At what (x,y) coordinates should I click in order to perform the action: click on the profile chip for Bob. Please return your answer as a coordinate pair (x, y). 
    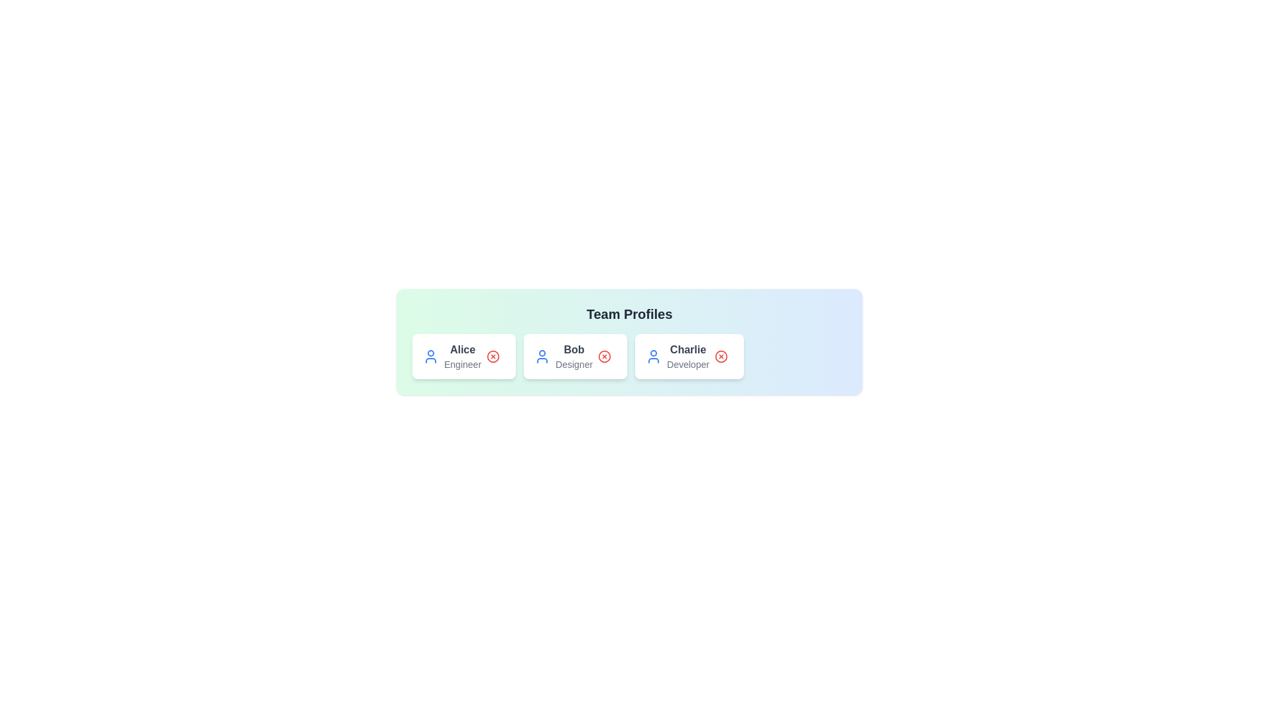
    Looking at the image, I should click on (576, 355).